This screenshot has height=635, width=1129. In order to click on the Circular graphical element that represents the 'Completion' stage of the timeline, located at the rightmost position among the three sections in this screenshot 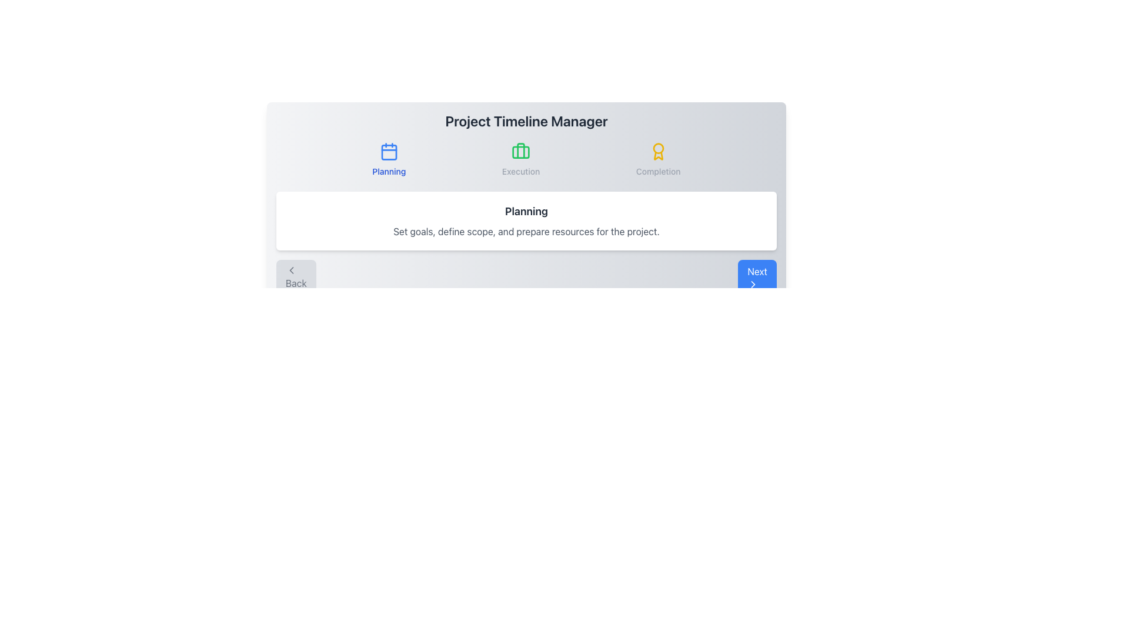, I will do `click(657, 148)`.